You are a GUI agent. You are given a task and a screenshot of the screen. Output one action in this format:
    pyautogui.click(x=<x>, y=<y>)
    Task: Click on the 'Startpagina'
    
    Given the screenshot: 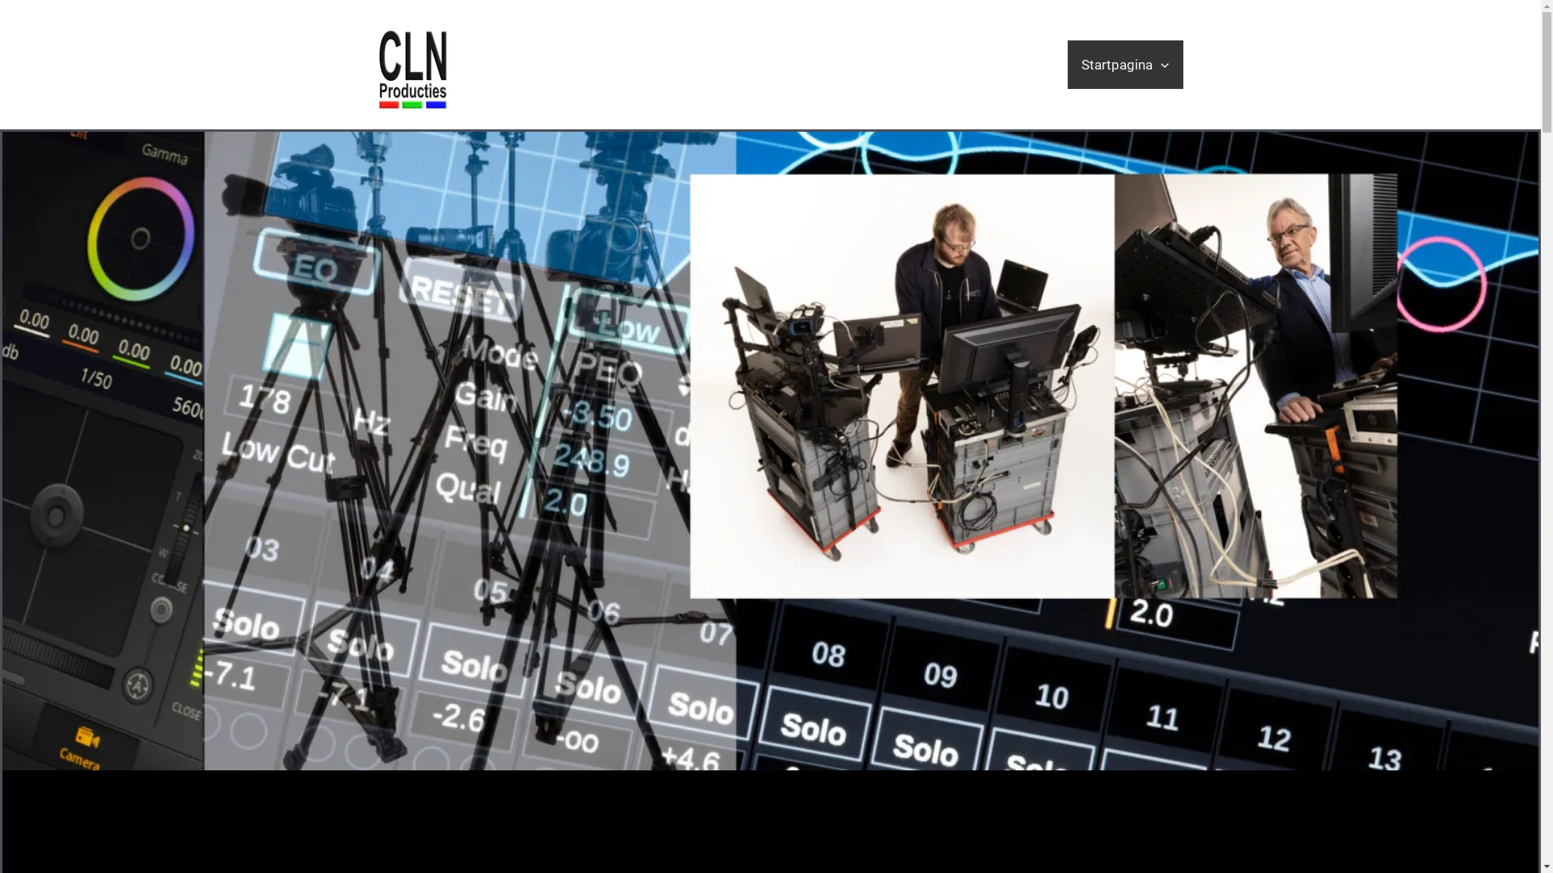 What is the action you would take?
    pyautogui.click(x=1124, y=64)
    